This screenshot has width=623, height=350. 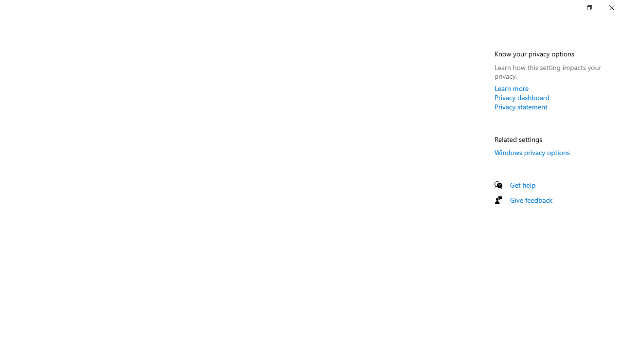 I want to click on 'Give feedback', so click(x=531, y=199).